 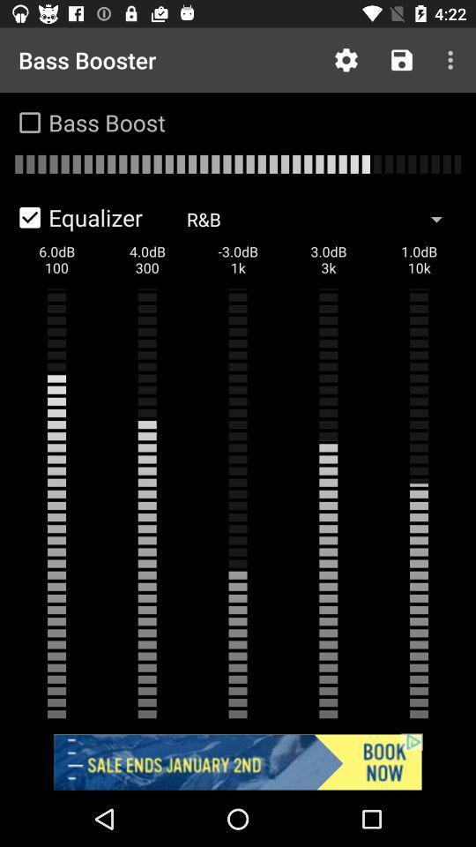 What do you see at coordinates (238, 761) in the screenshot?
I see `open advertisement` at bounding box center [238, 761].